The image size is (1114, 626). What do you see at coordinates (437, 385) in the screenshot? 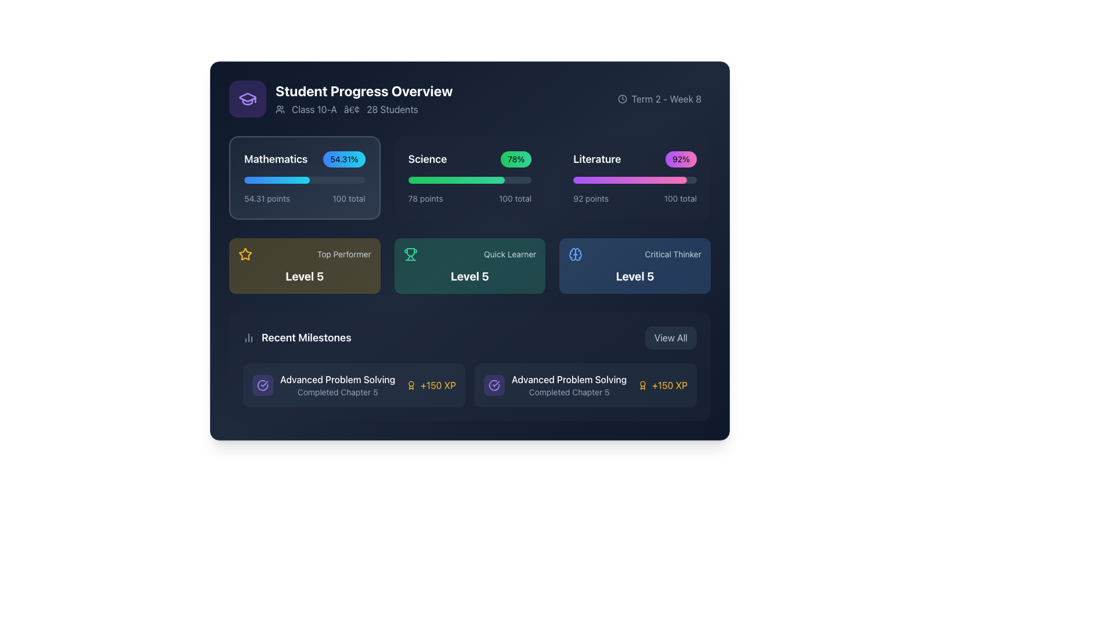
I see `the '+150 XP' text indicator, which is styled in bold amber font and located in the 'Recent Milestones' section, next to the 'Advanced Problem Solving' milestone entry` at bounding box center [437, 385].